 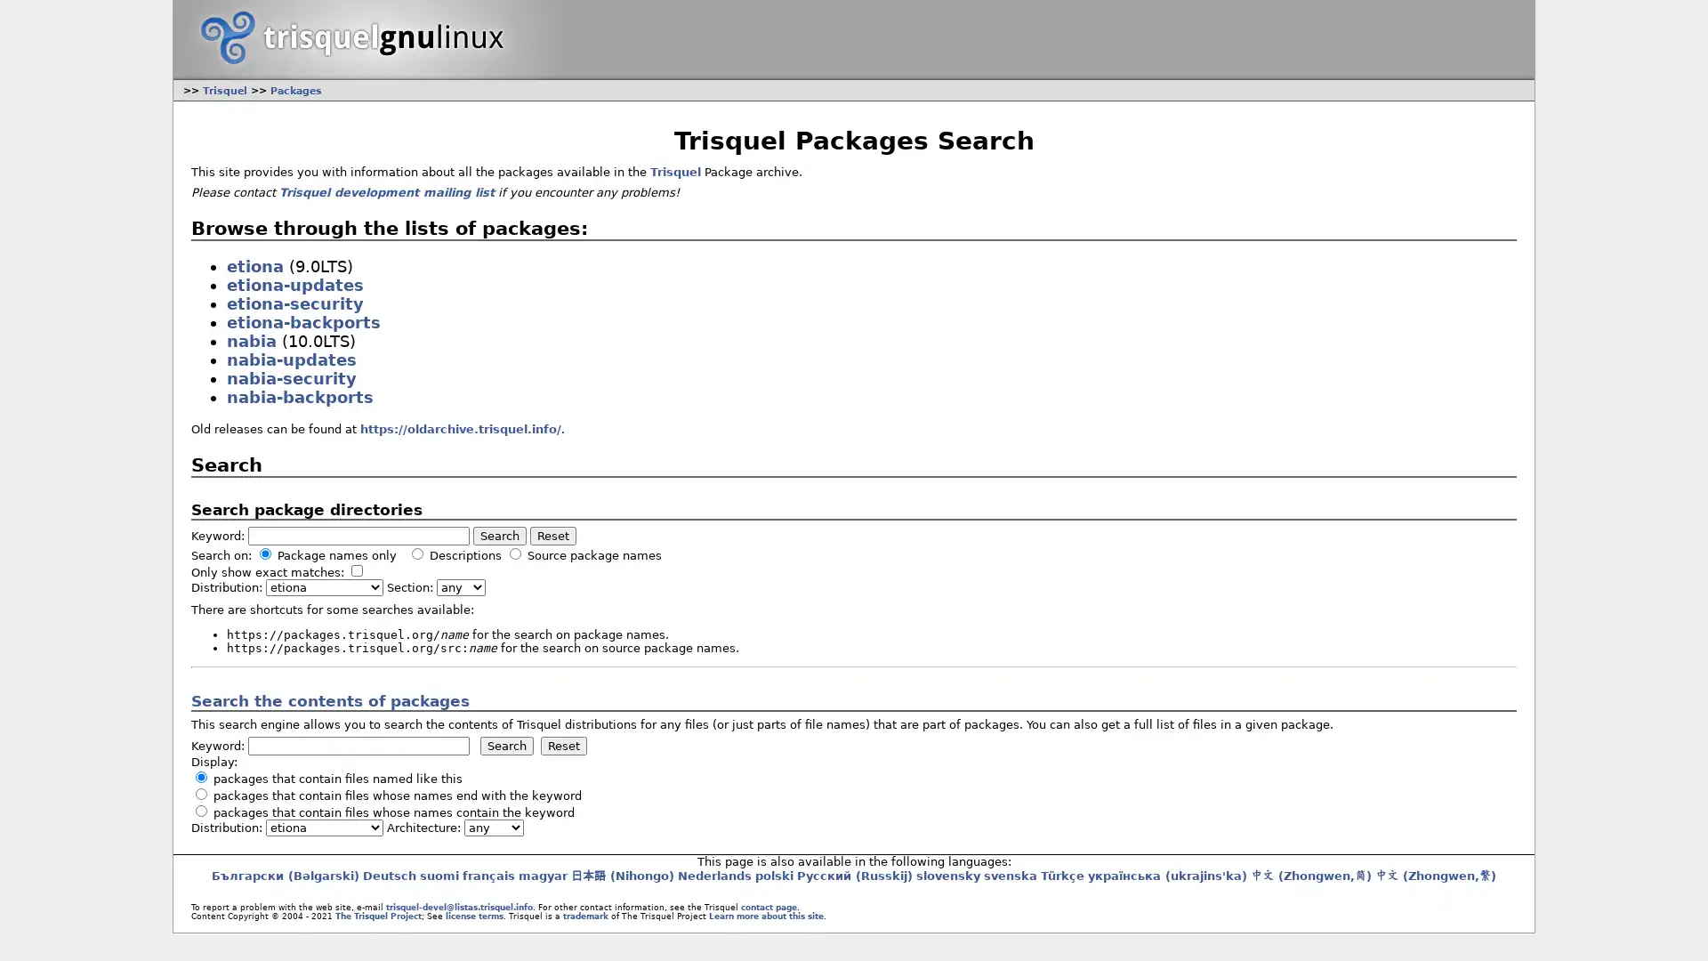 I want to click on Search, so click(x=498, y=535).